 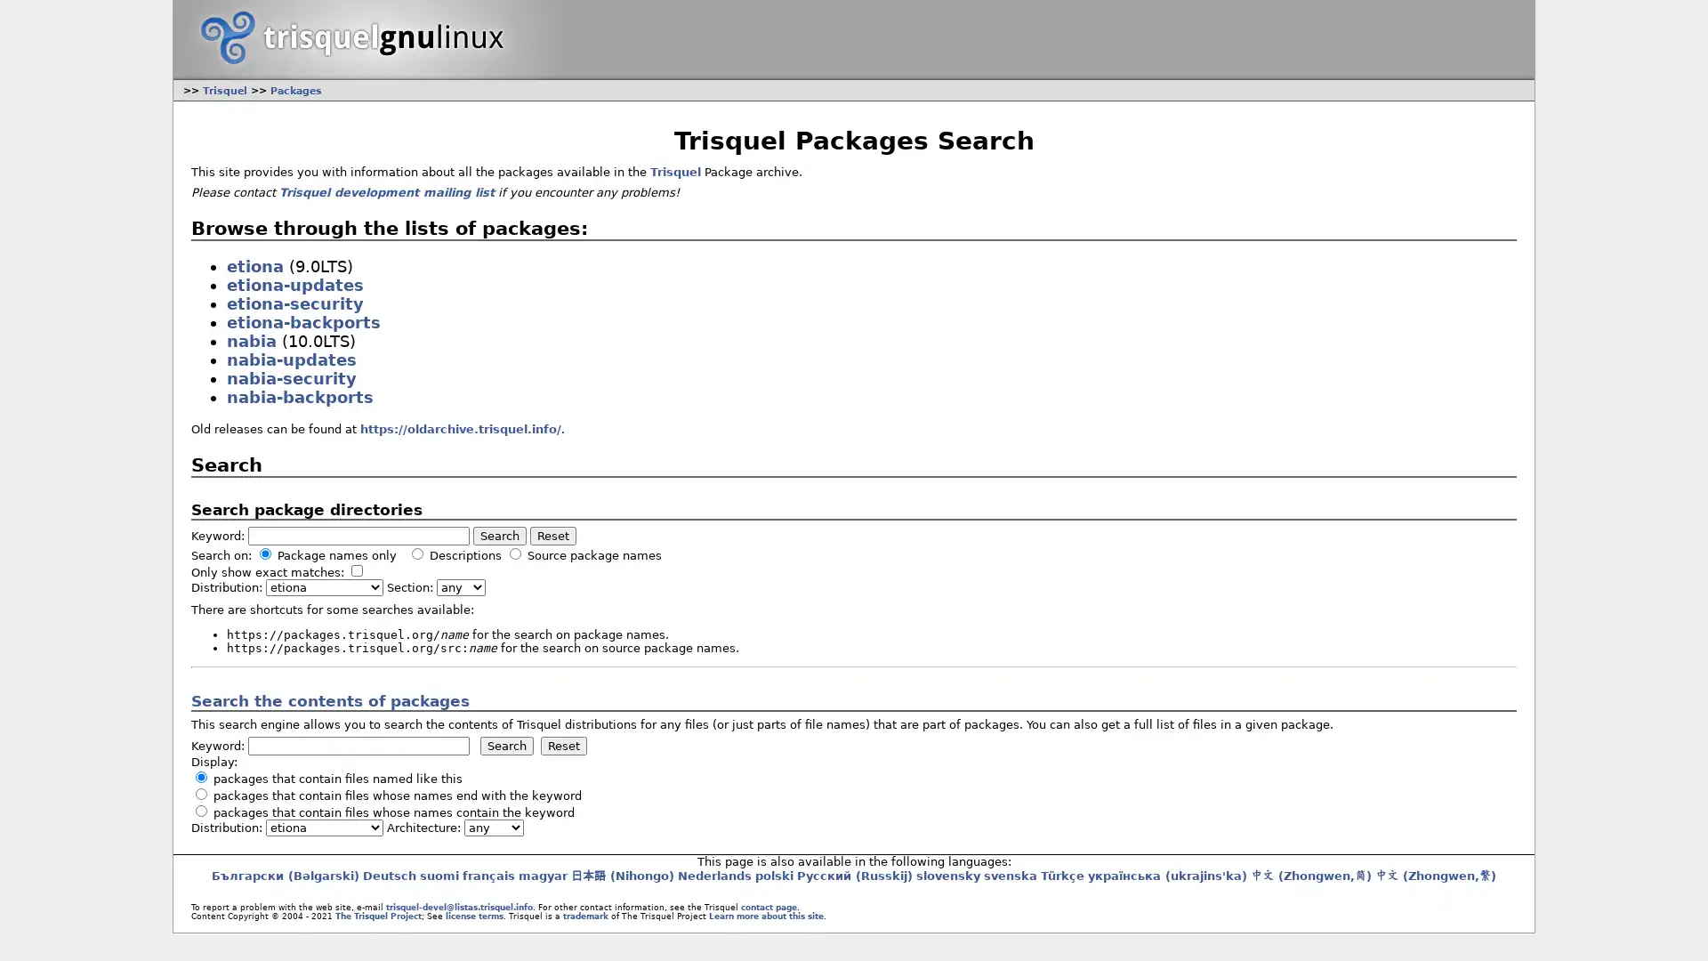 I want to click on Search, so click(x=498, y=535).